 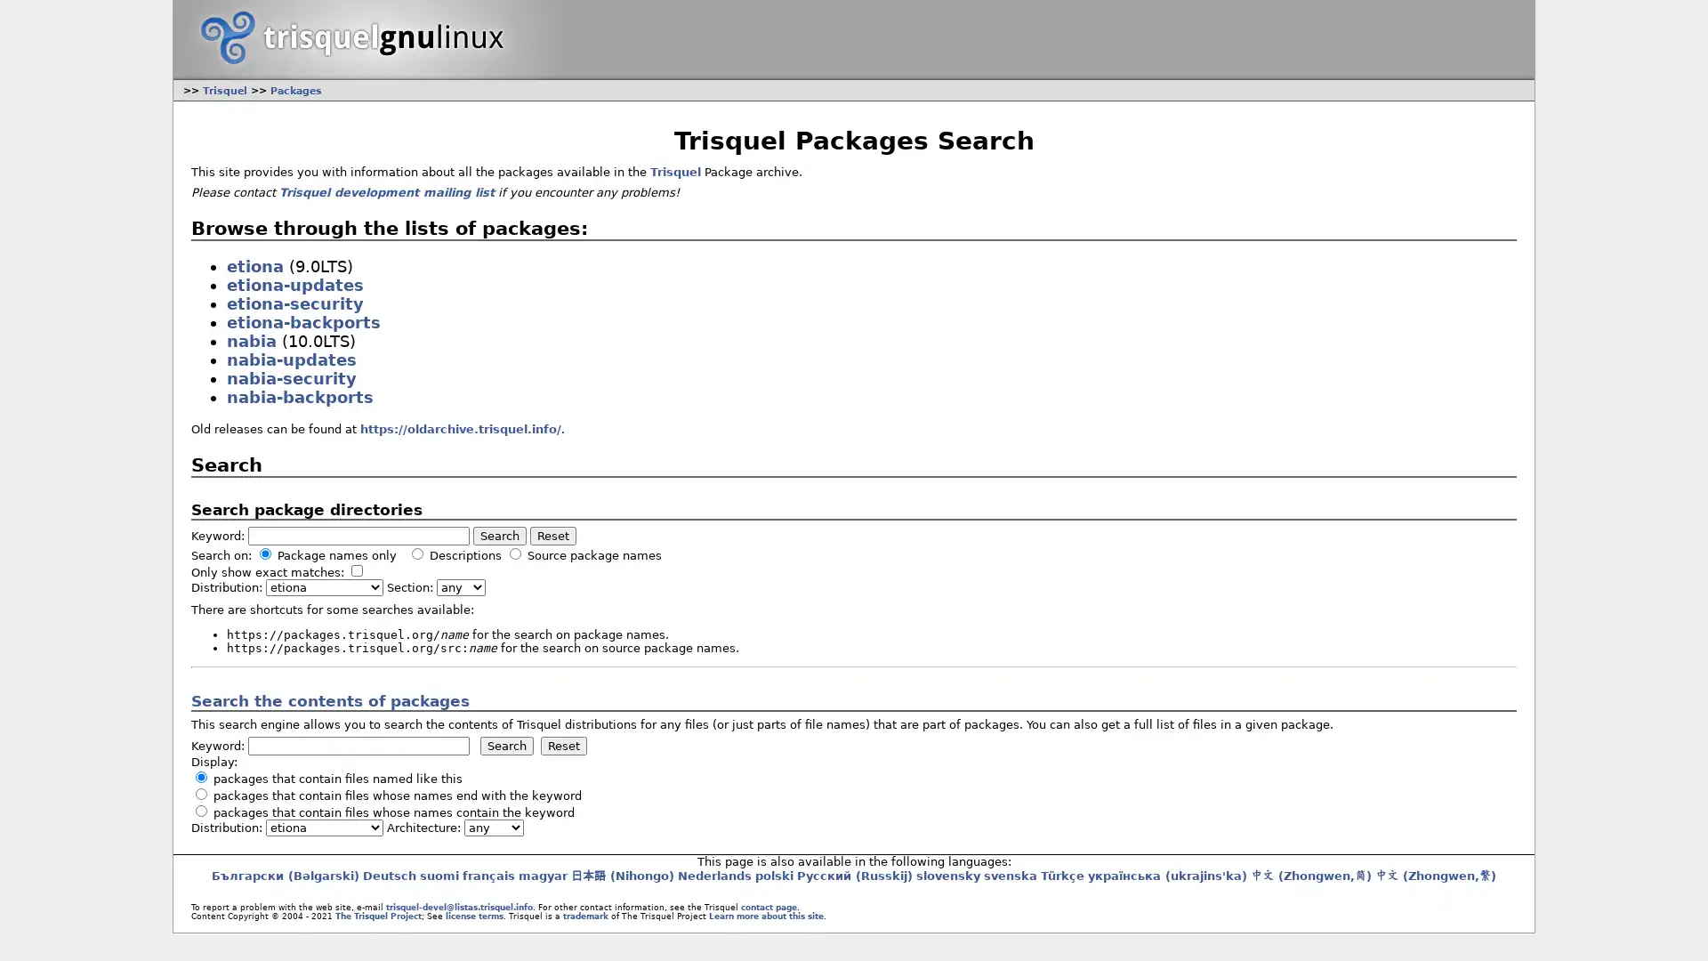 I want to click on Search, so click(x=498, y=535).